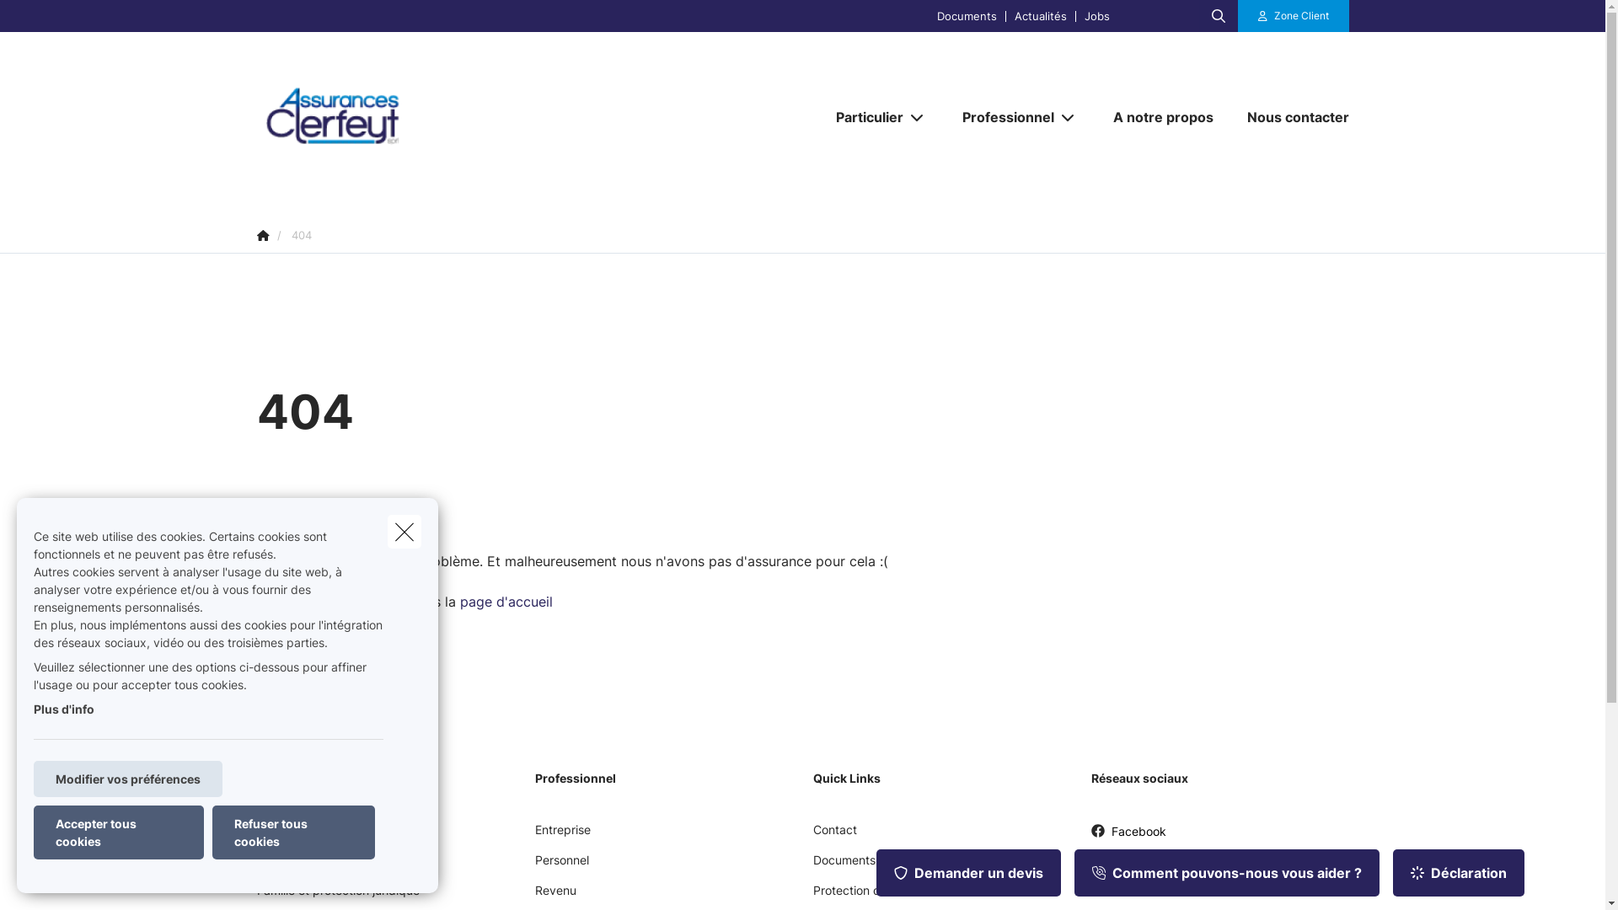  What do you see at coordinates (1293, 16) in the screenshot?
I see `'Zone Client'` at bounding box center [1293, 16].